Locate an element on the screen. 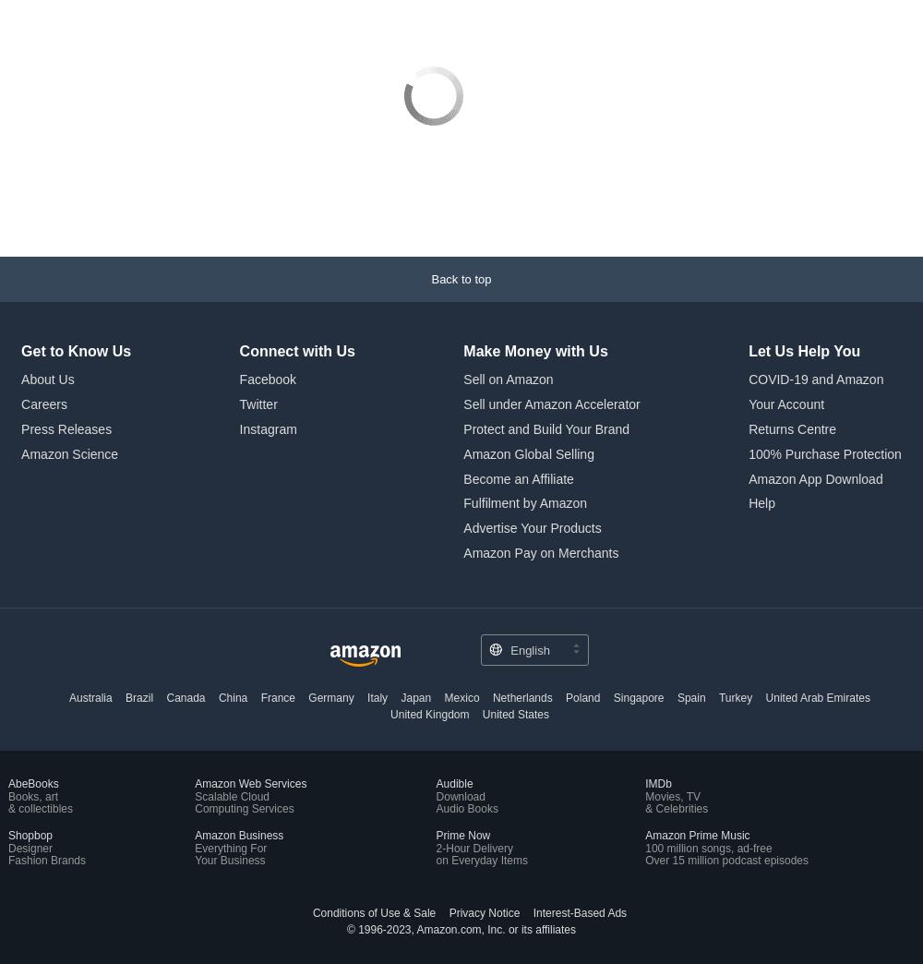 The image size is (923, 964). 'Germany' is located at coordinates (330, 697).